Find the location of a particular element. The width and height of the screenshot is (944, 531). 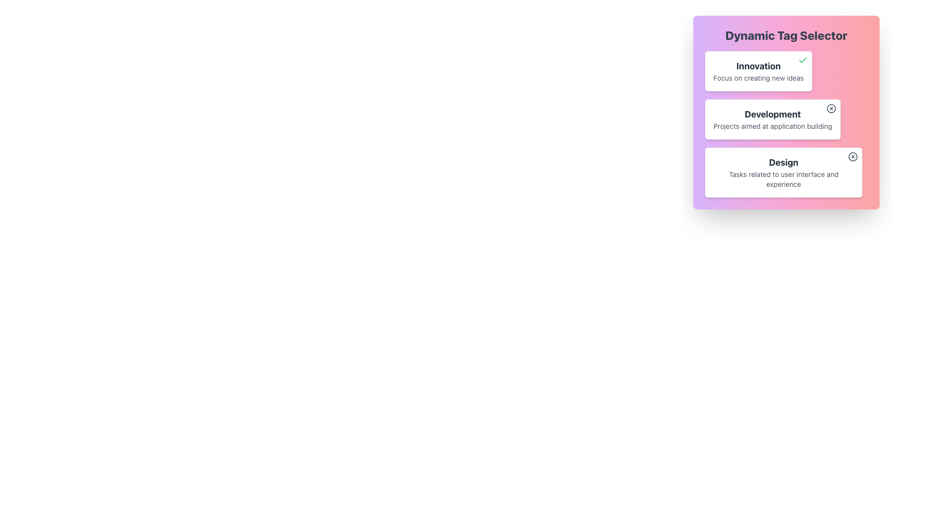

text label displaying 'Focus on creating new ideas', which is located below the title 'Innovation' in a card with a white background is located at coordinates (758, 77).